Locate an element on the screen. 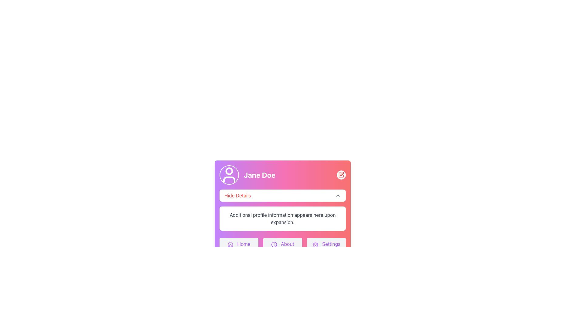 The height and width of the screenshot is (327, 583). the user name text label 'Jane Doe' which is located within the profile card interface, slightly right of the circular avatar icon is located at coordinates (260, 175).